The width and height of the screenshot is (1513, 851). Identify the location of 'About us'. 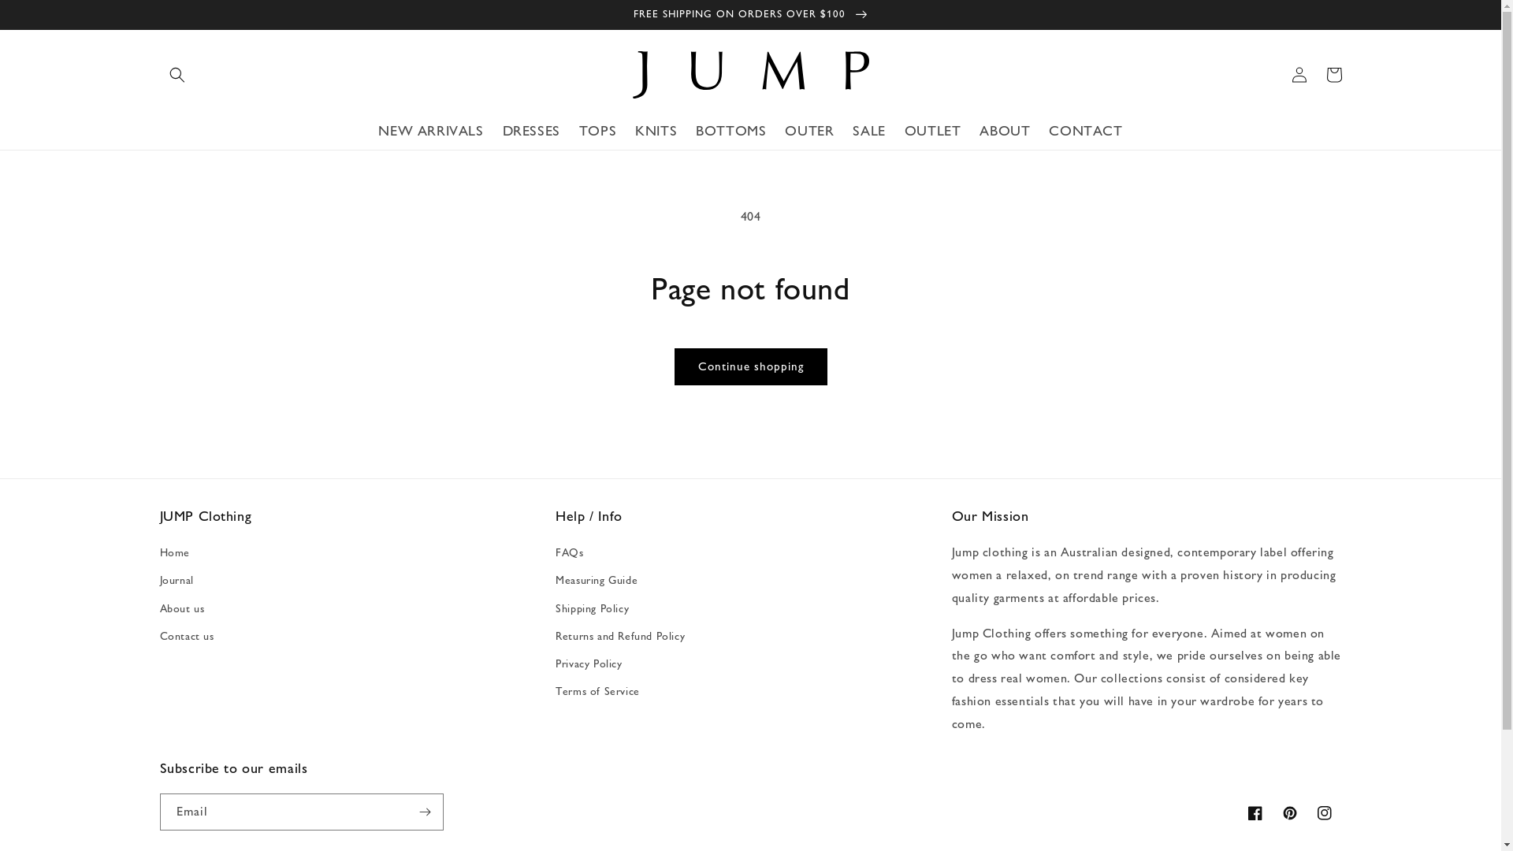
(181, 608).